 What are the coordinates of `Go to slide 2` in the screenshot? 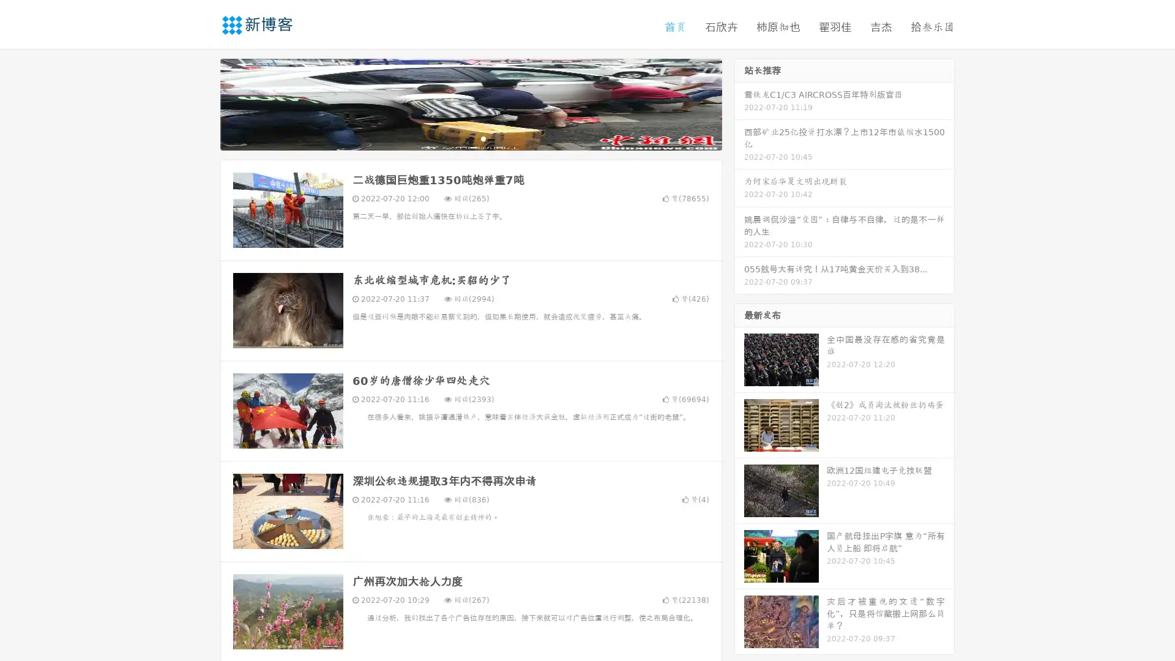 It's located at (470, 138).